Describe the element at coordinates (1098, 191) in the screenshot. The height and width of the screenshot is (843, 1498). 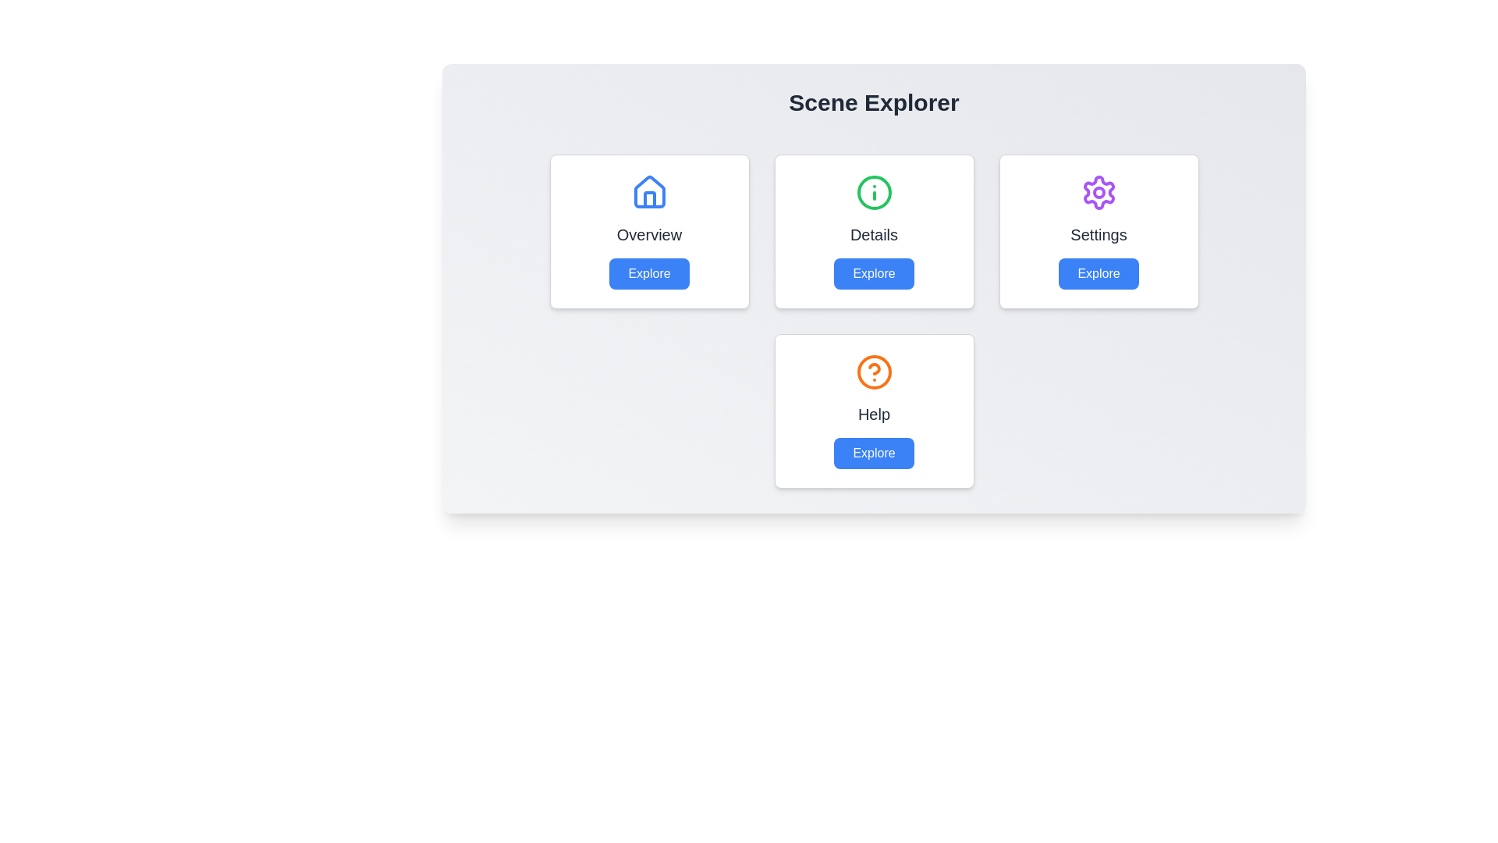
I see `the SVG Circle Element that is part of the gear icon in the top-right corner of the 'Settings' group of icons in the 'Scene Explorer' interface` at that location.